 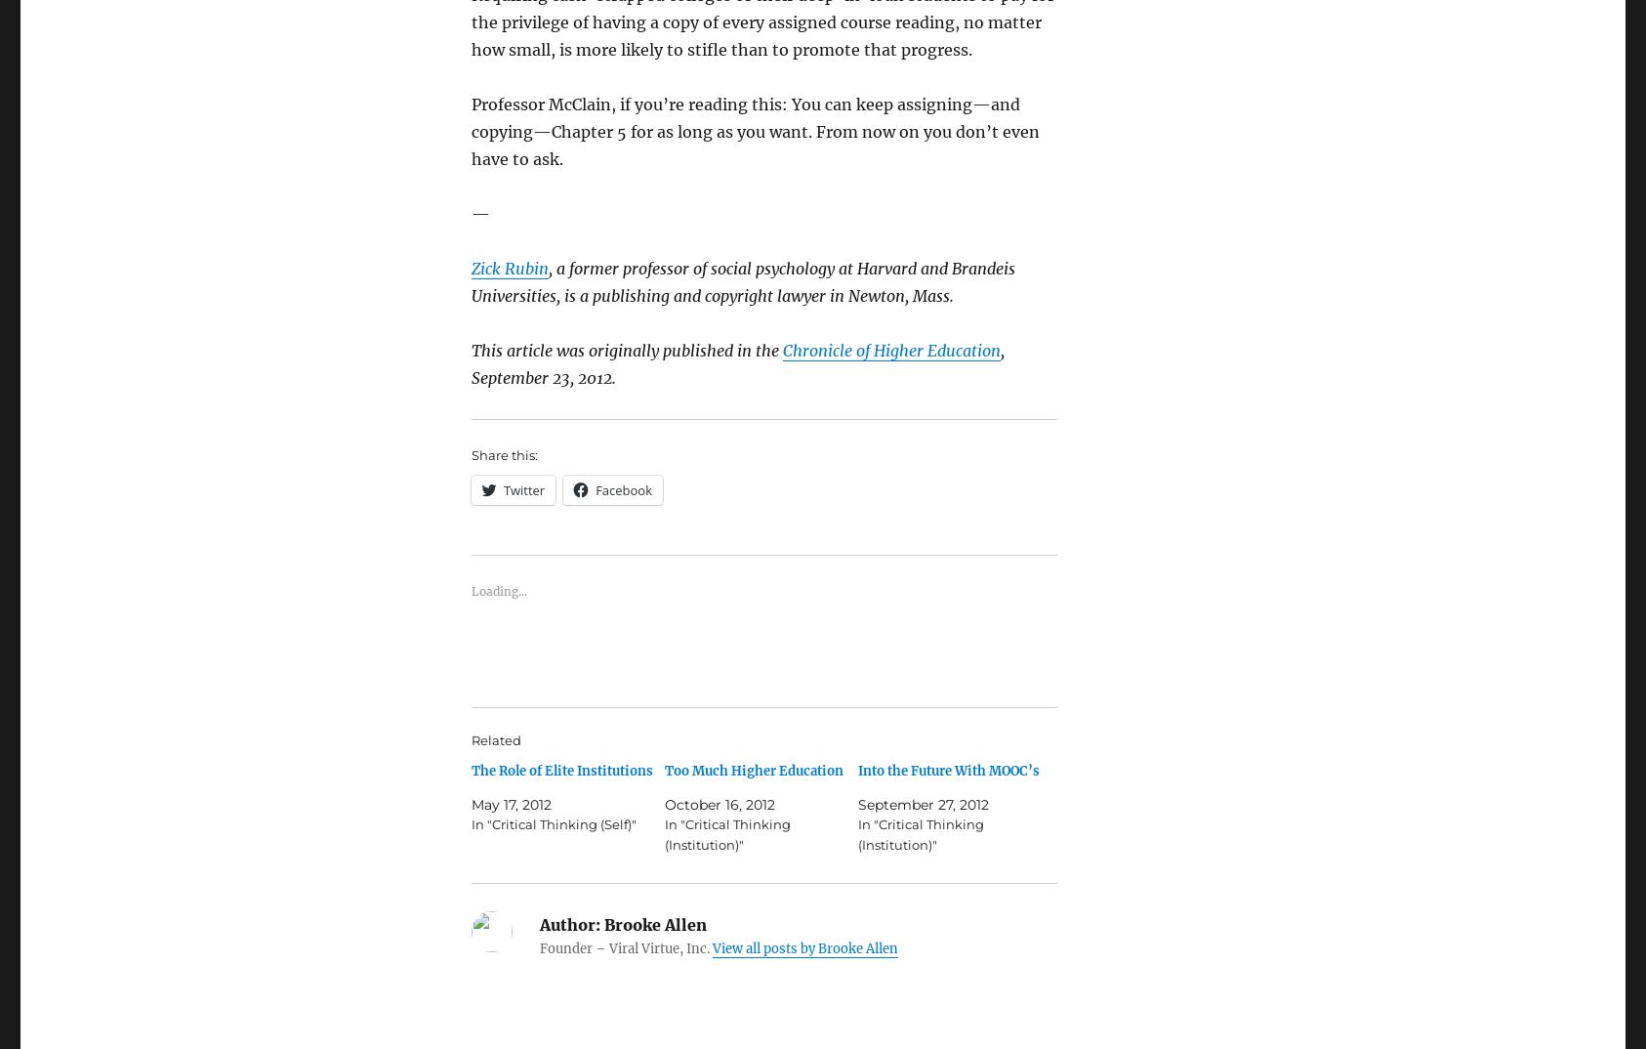 What do you see at coordinates (499, 590) in the screenshot?
I see `'Loading...'` at bounding box center [499, 590].